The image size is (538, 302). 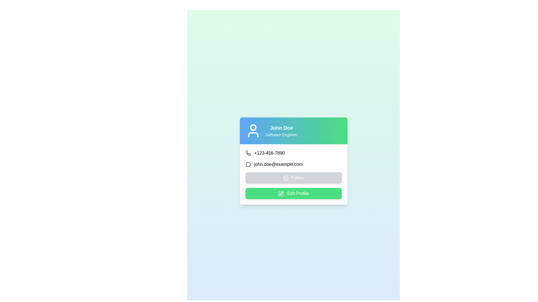 I want to click on the 'Follow' button located below the email address 'john.doe@example.com' and above the 'Edit Profile' button, so click(x=293, y=178).